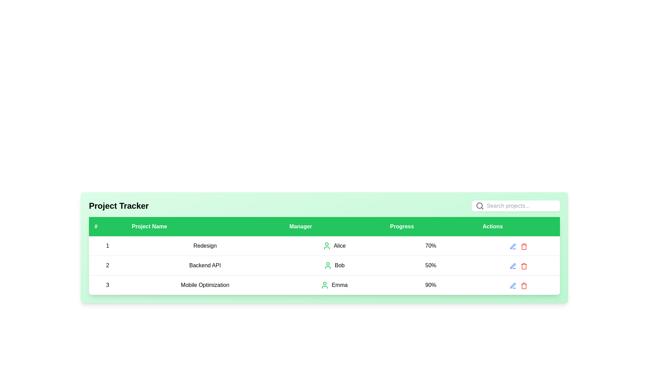 Image resolution: width=662 pixels, height=372 pixels. I want to click on the edit button located in the actions column of the first row in the table, which is positioned to the left of a red trash can icon, so click(513, 246).